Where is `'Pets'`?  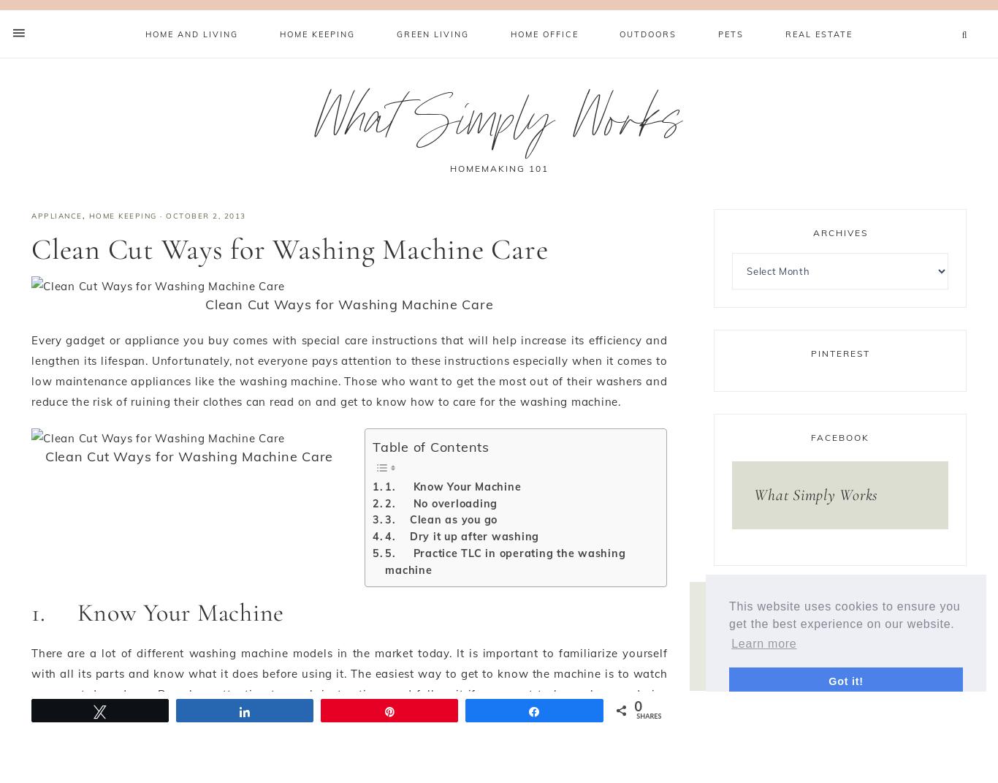 'Pets' is located at coordinates (731, 34).